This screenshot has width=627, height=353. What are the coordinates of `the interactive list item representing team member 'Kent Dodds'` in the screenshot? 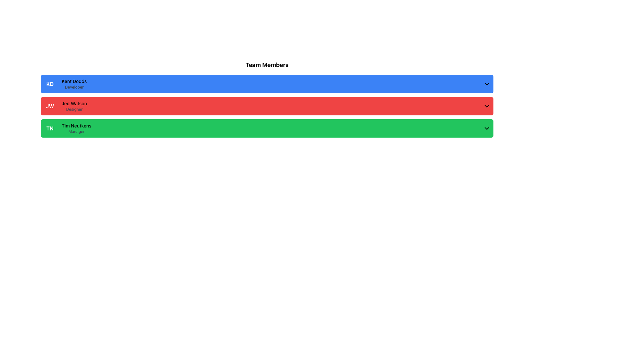 It's located at (267, 84).